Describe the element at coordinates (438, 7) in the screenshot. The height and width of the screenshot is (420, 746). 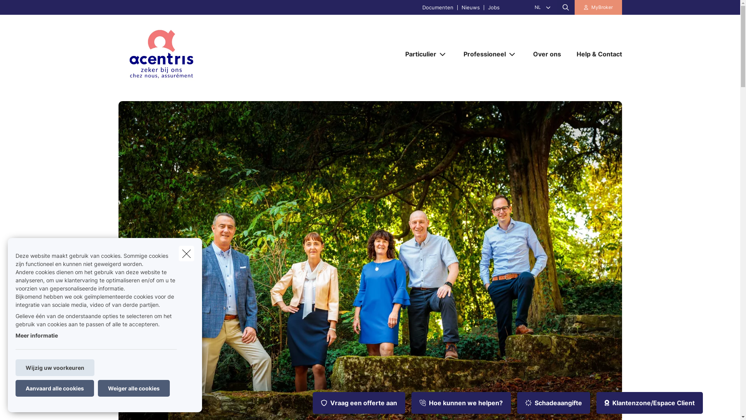
I see `'Documenten'` at that location.